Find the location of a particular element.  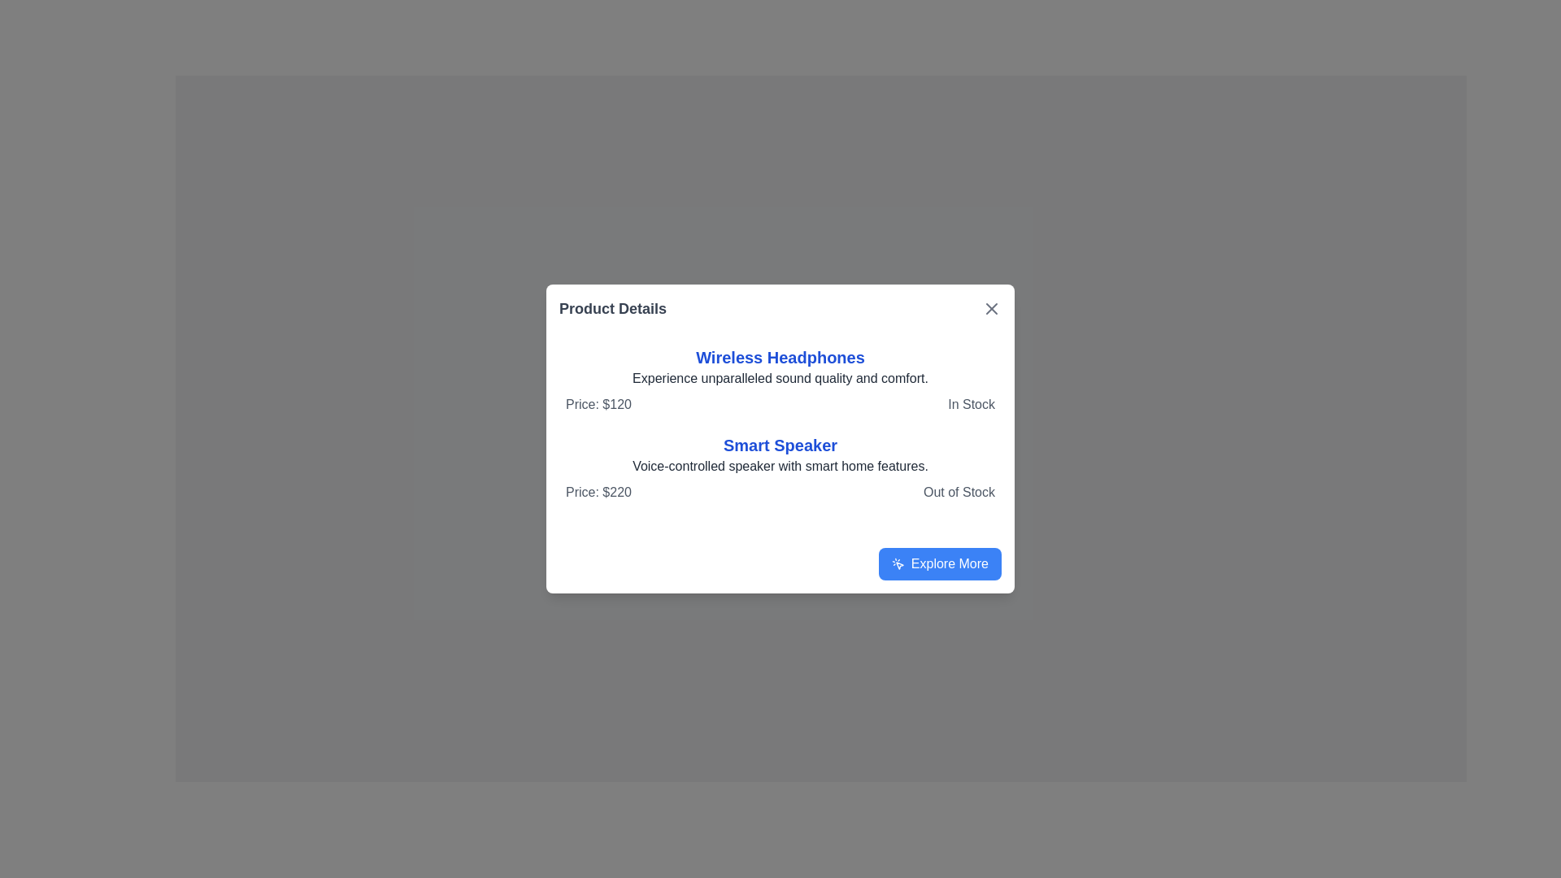

the informational block displaying details about the 'Wireless Headphones' product within the 'Product Details' modal dialog is located at coordinates (780, 380).